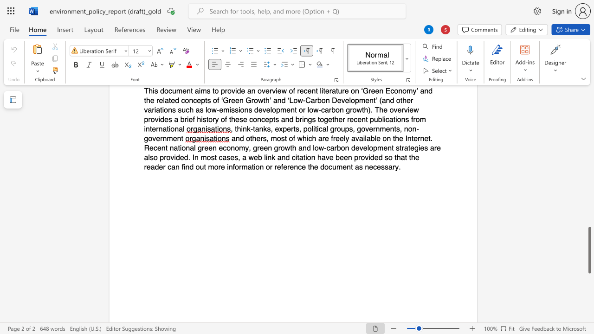  Describe the element at coordinates (589, 120) in the screenshot. I see `the scrollbar to move the content higher` at that location.